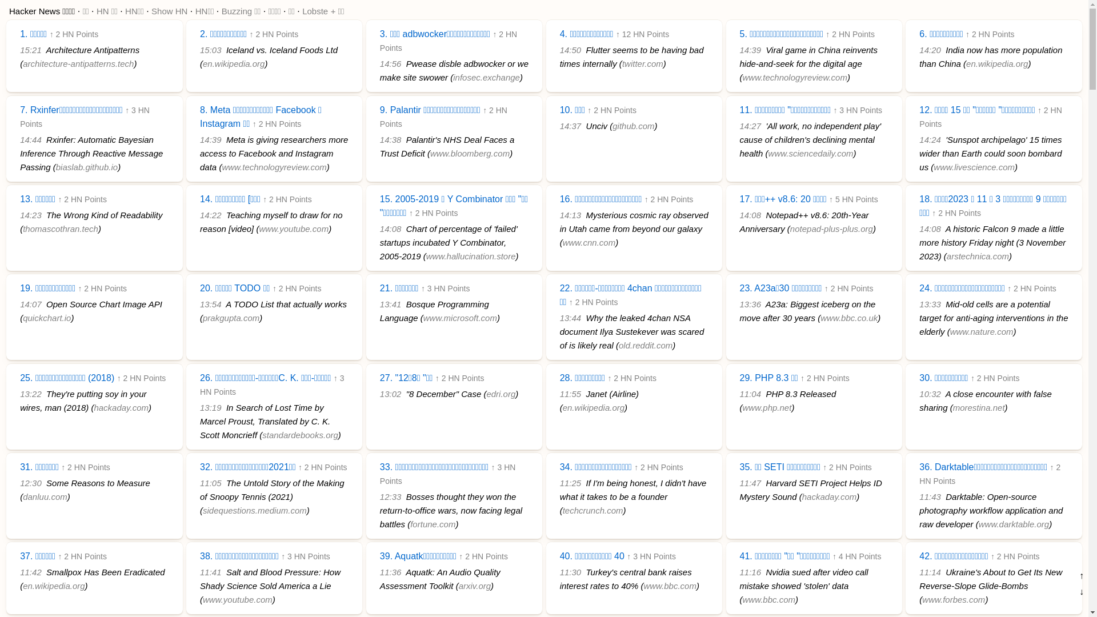 The width and height of the screenshot is (1097, 617). I want to click on 'github.com', so click(632, 126).